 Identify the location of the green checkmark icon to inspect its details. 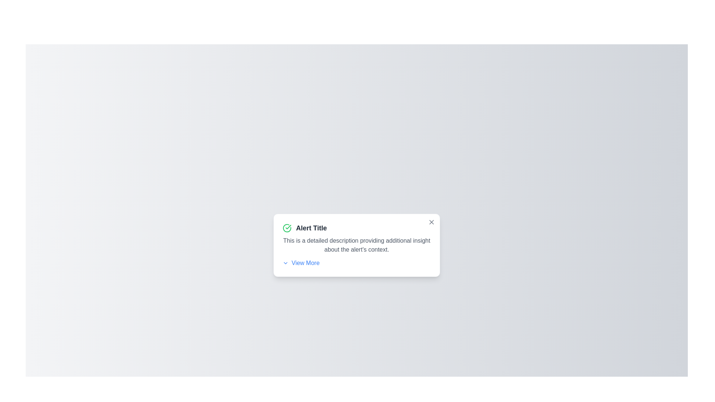
(287, 228).